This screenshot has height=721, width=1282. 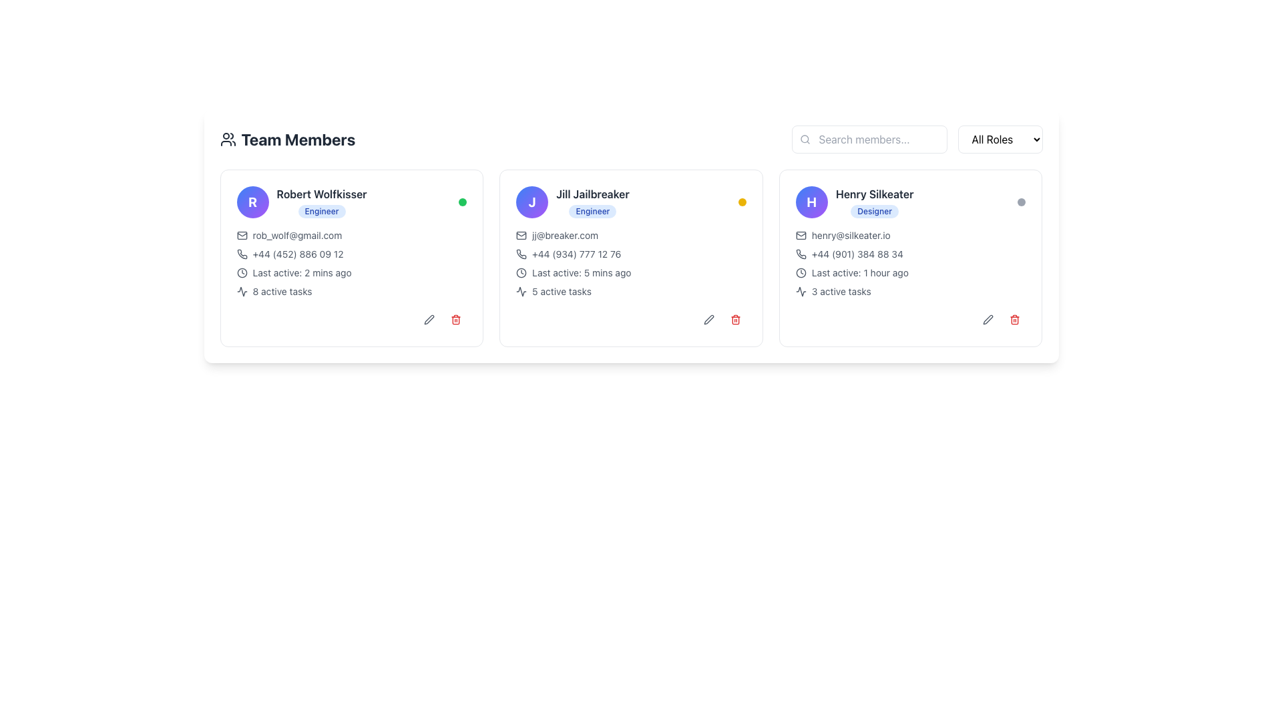 I want to click on text element that informs users about the number of active tasks associated with Robert Wolfkisser, located under 'Last active: 2 mins ago' and to the right of the activity icon, so click(x=281, y=290).